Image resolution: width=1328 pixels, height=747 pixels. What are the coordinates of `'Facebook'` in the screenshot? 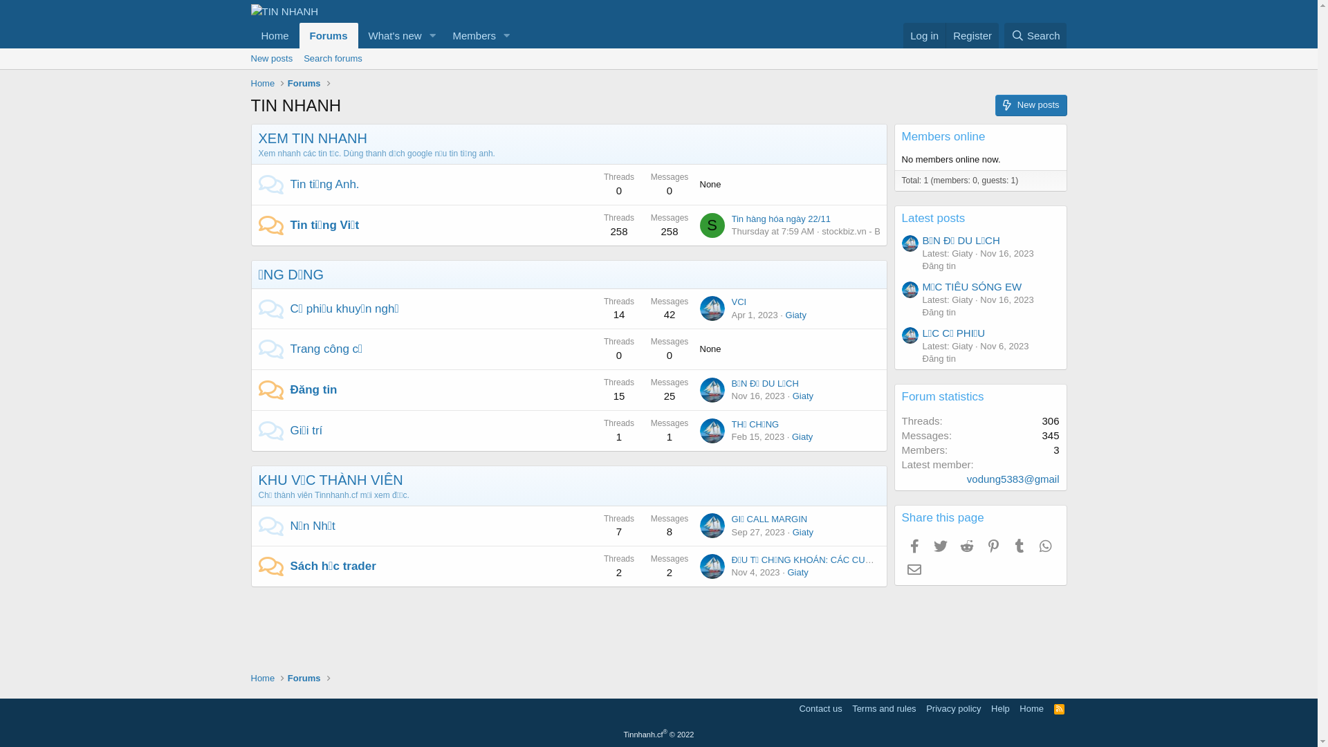 It's located at (914, 546).